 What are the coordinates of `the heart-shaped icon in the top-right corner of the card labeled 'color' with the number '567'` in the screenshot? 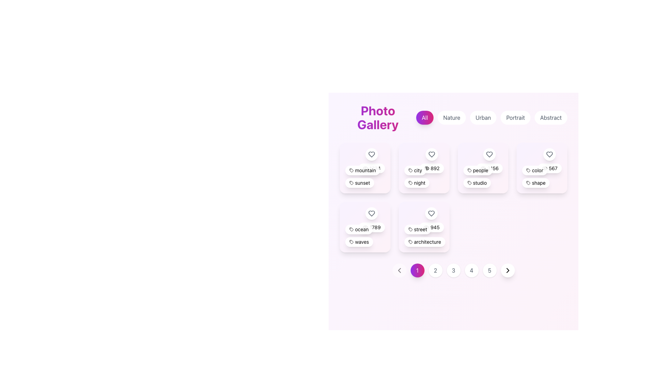 It's located at (549, 154).